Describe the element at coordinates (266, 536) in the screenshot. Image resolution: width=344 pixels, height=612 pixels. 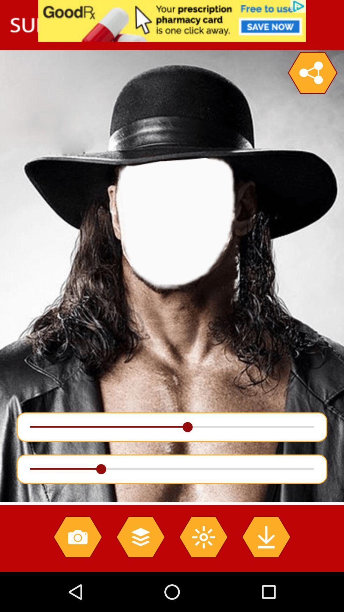
I see `install button` at that location.